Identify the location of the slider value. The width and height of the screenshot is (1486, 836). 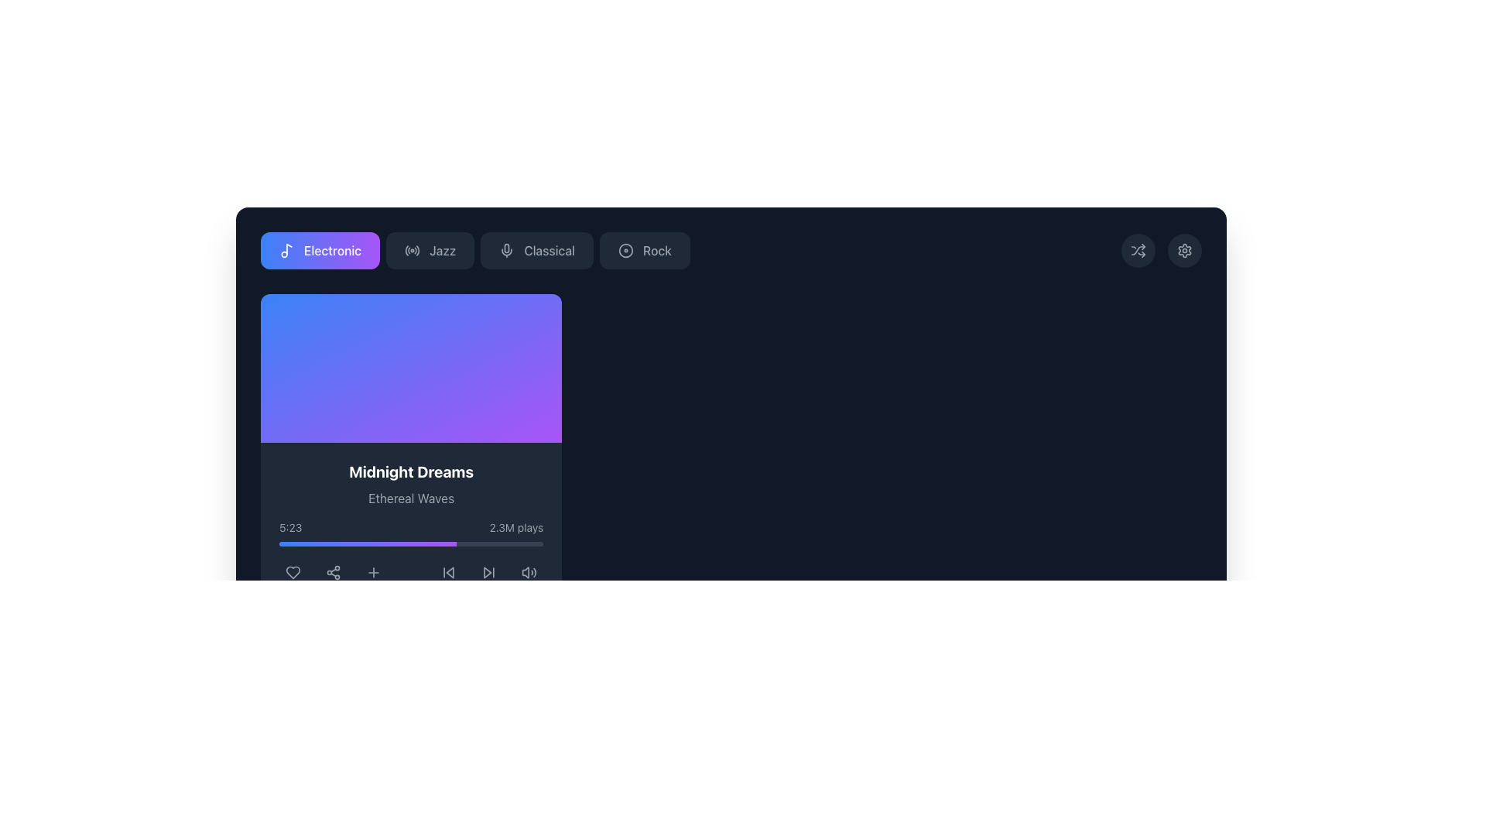
(365, 543).